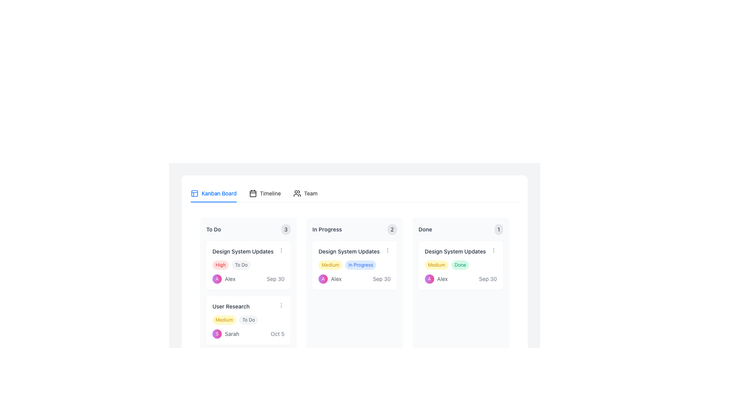 Image resolution: width=743 pixels, height=418 pixels. Describe the element at coordinates (248, 334) in the screenshot. I see `the user name 'Sarah' in the User and Metadata Display for filtering related tasks` at that location.